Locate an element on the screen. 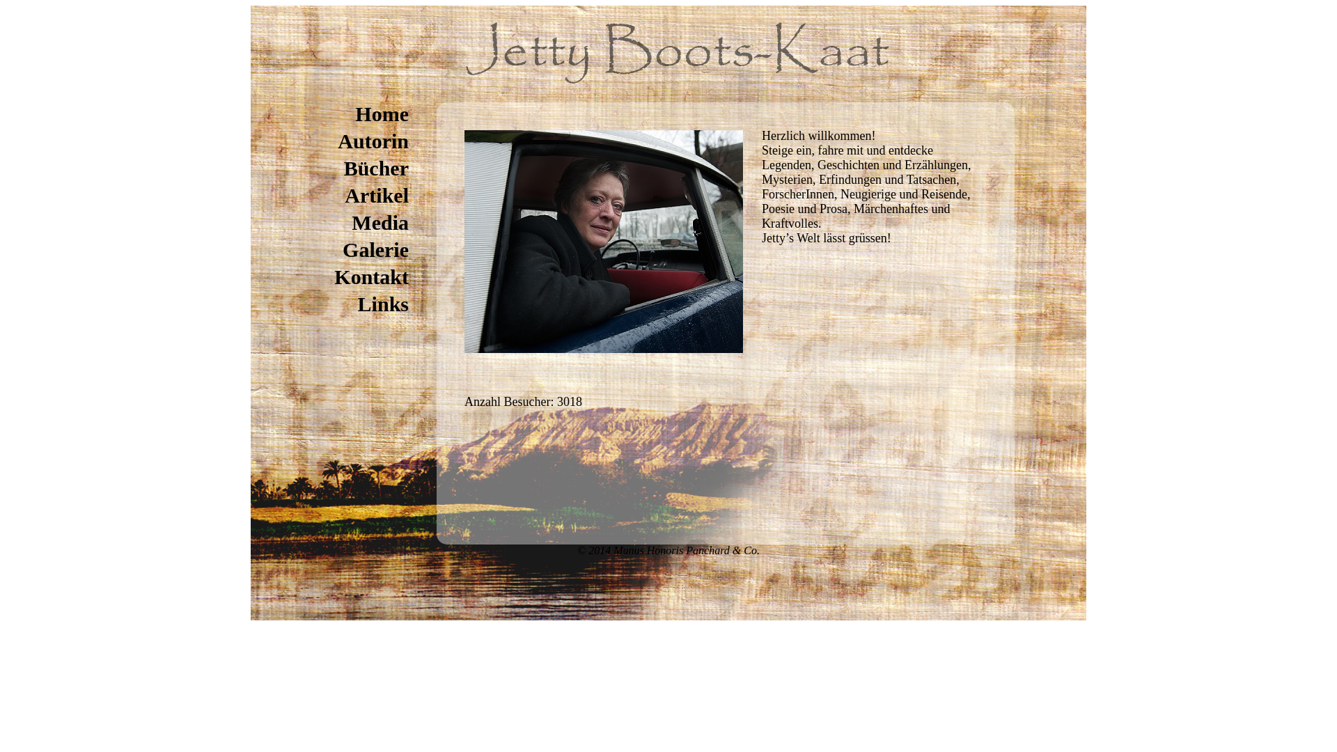  '3018' is located at coordinates (569, 402).